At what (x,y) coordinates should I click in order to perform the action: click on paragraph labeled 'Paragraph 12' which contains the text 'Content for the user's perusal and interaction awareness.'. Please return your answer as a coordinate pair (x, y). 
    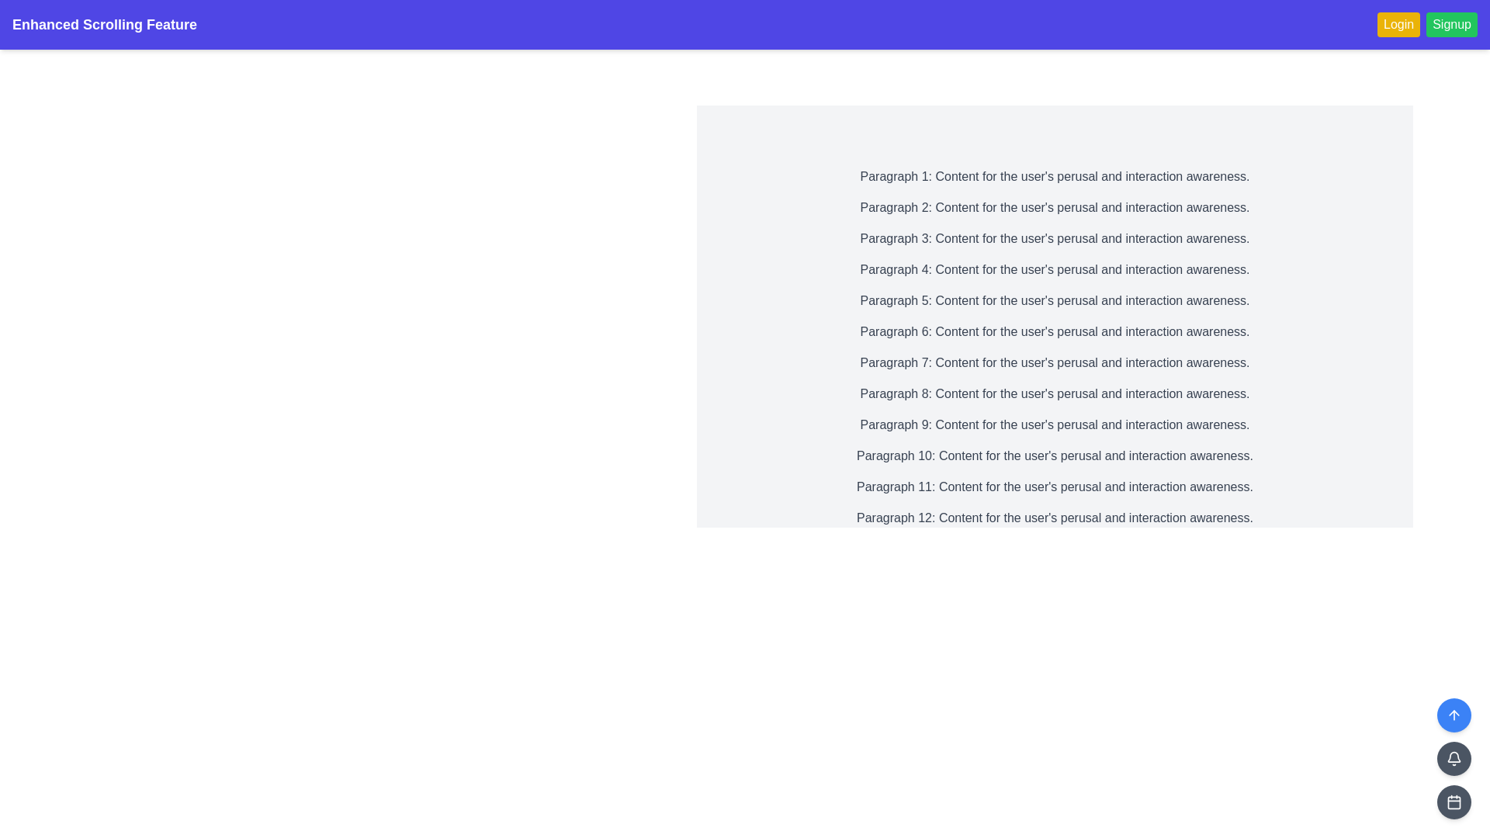
    Looking at the image, I should click on (1055, 518).